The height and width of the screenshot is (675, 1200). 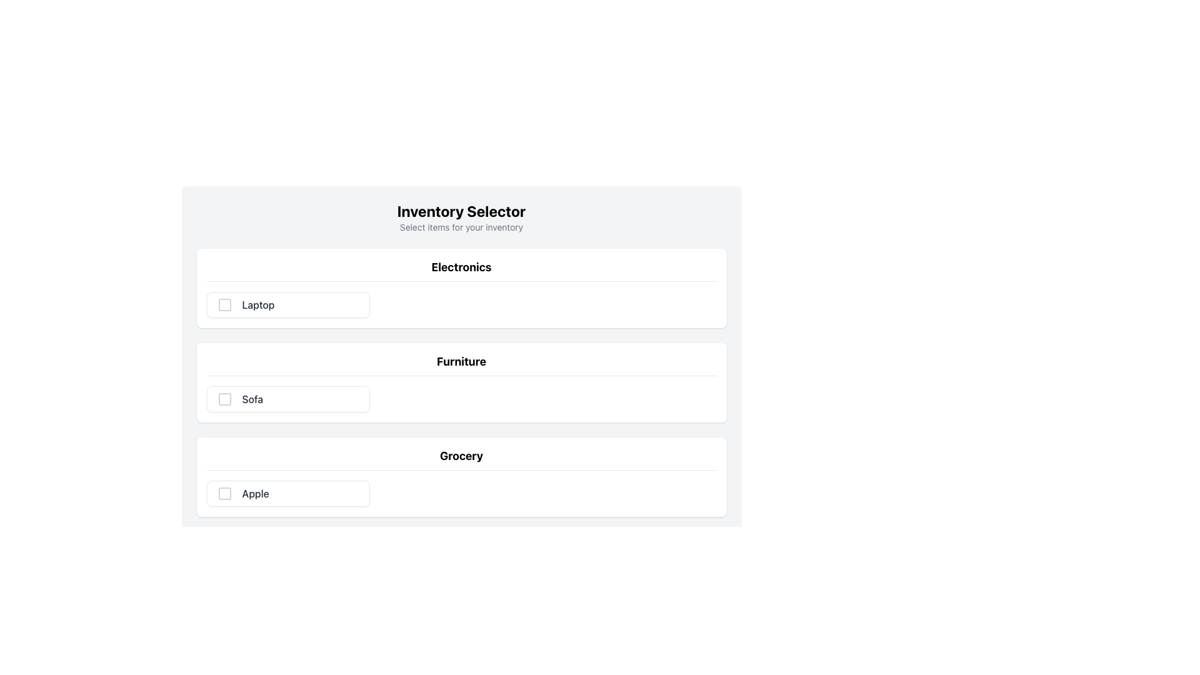 I want to click on the SVG graphical element located in the 'Grocery' section next to the 'Apple' label, so click(x=224, y=493).